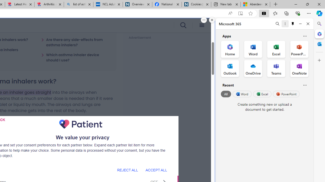 The width and height of the screenshot is (325, 182). Describe the element at coordinates (127, 170) in the screenshot. I see `'REJECT ALL'` at that location.